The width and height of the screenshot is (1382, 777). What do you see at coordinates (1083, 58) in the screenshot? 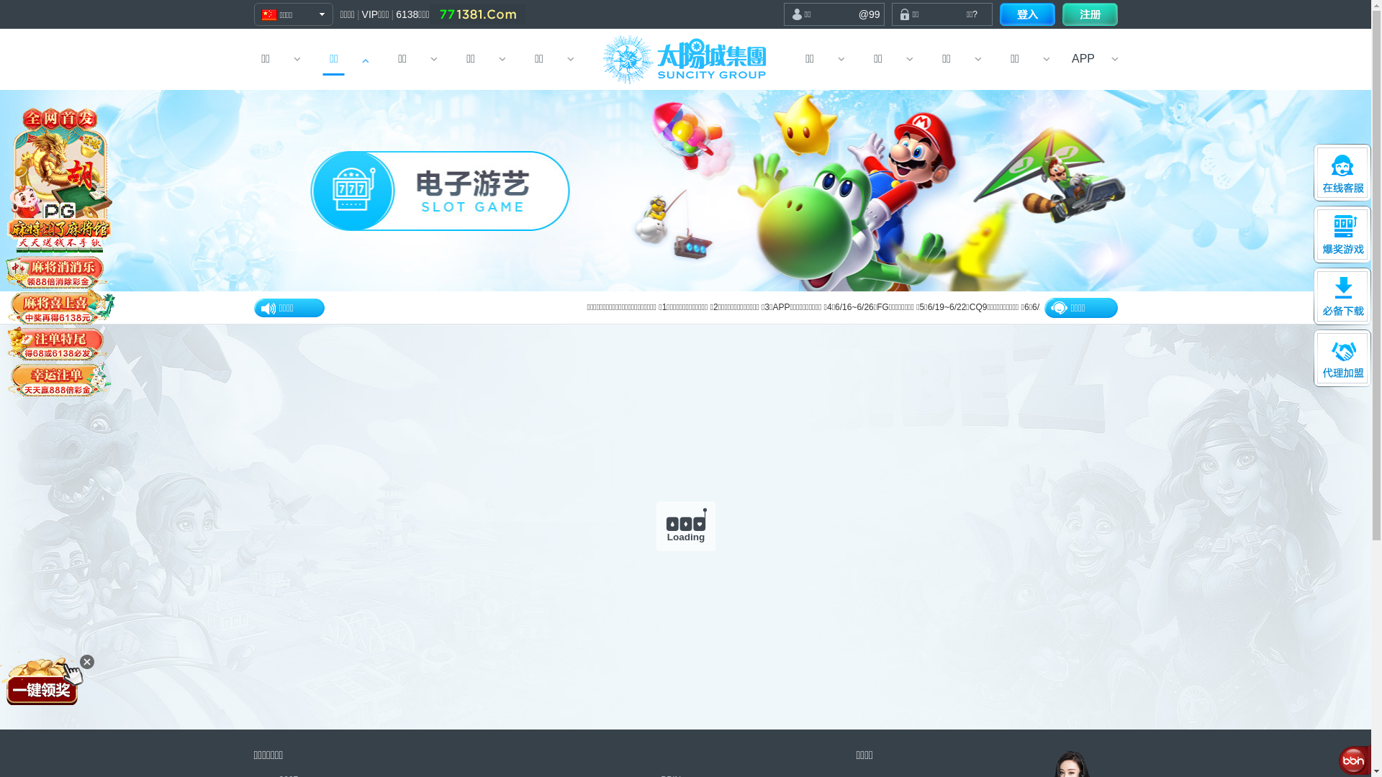
I see `'APP'` at bounding box center [1083, 58].